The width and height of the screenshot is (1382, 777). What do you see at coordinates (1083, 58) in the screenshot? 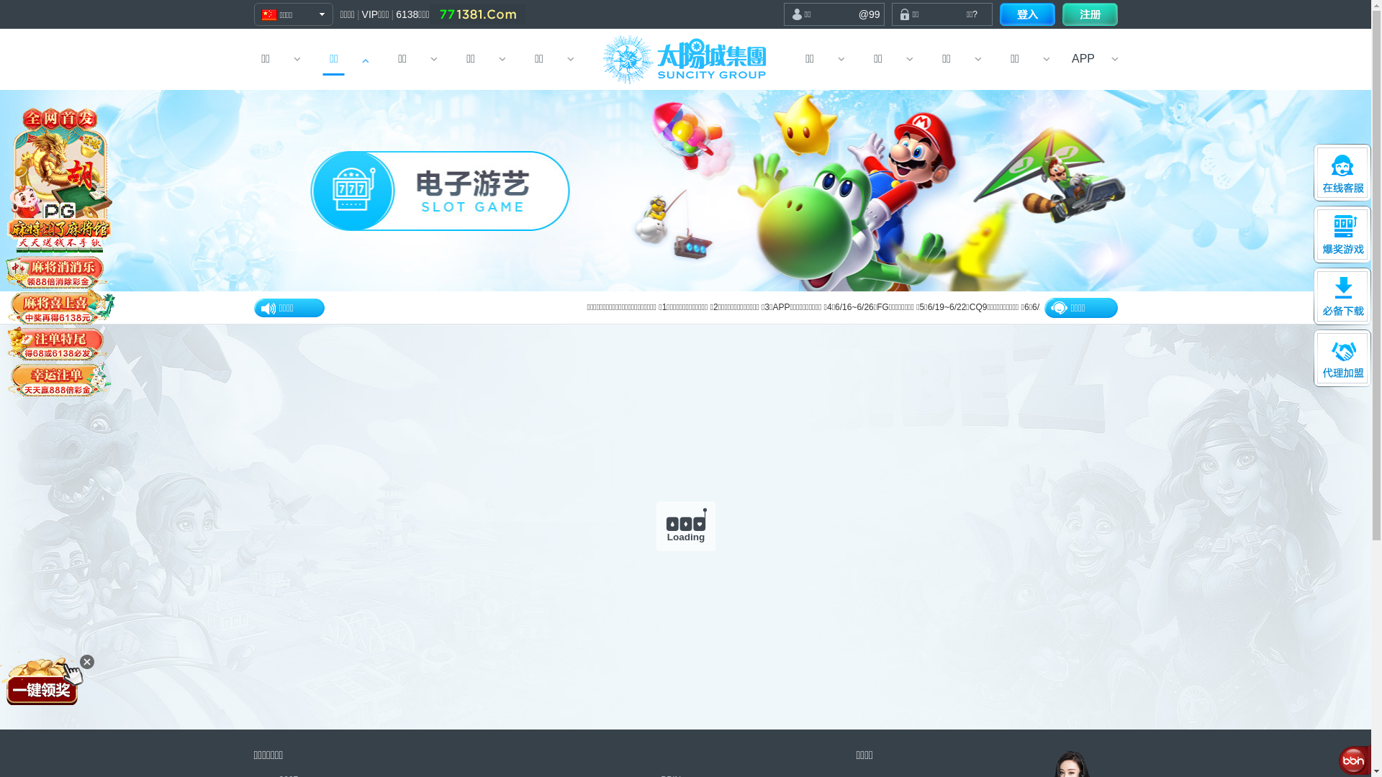
I see `'APP'` at bounding box center [1083, 58].